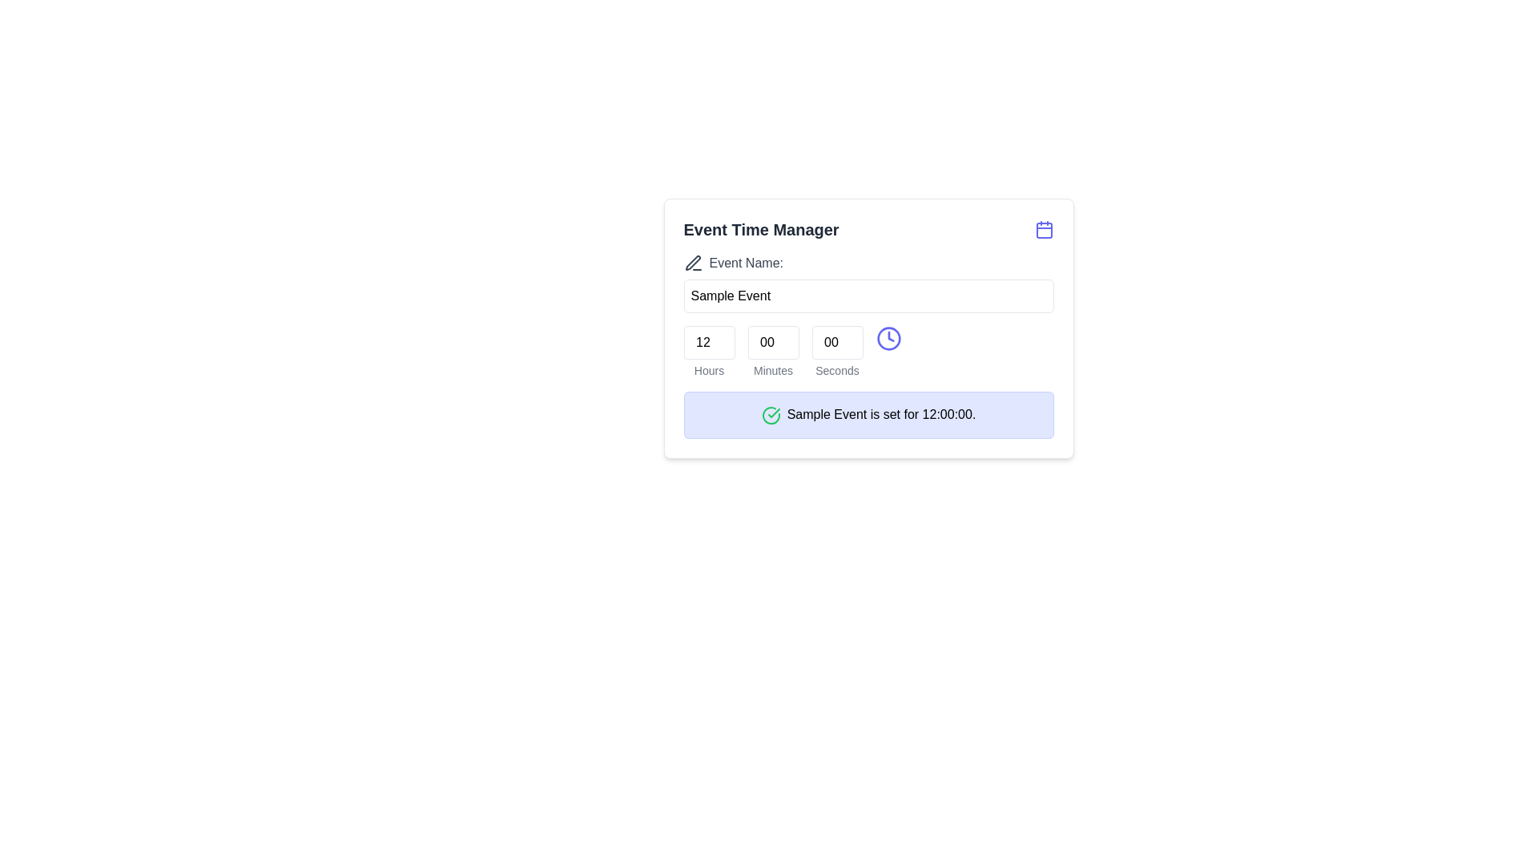  What do you see at coordinates (868, 351) in the screenshot?
I see `the numeric input fields of the Time input group labeled 'Hours', 'Minutes', and 'Seconds' to focus on them` at bounding box center [868, 351].